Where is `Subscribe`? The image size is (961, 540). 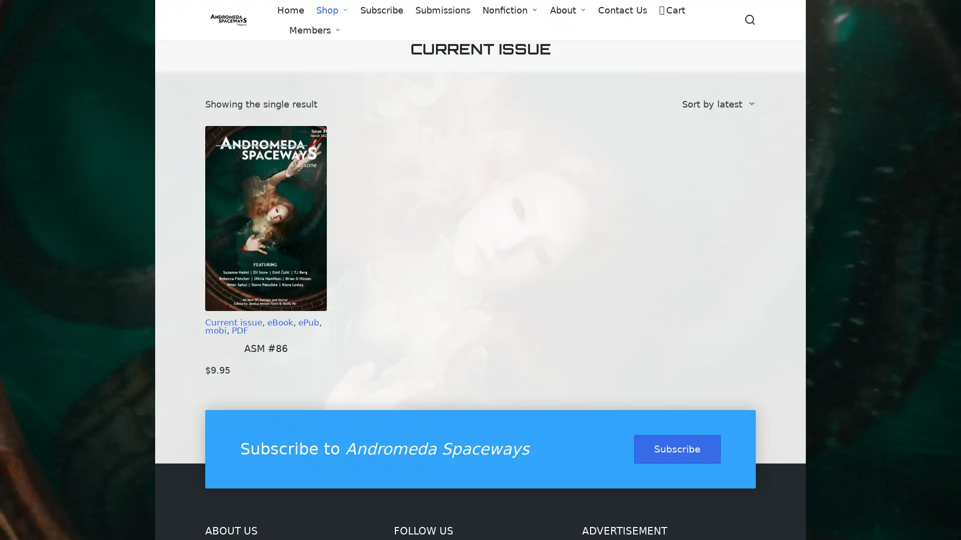
Subscribe is located at coordinates (677, 448).